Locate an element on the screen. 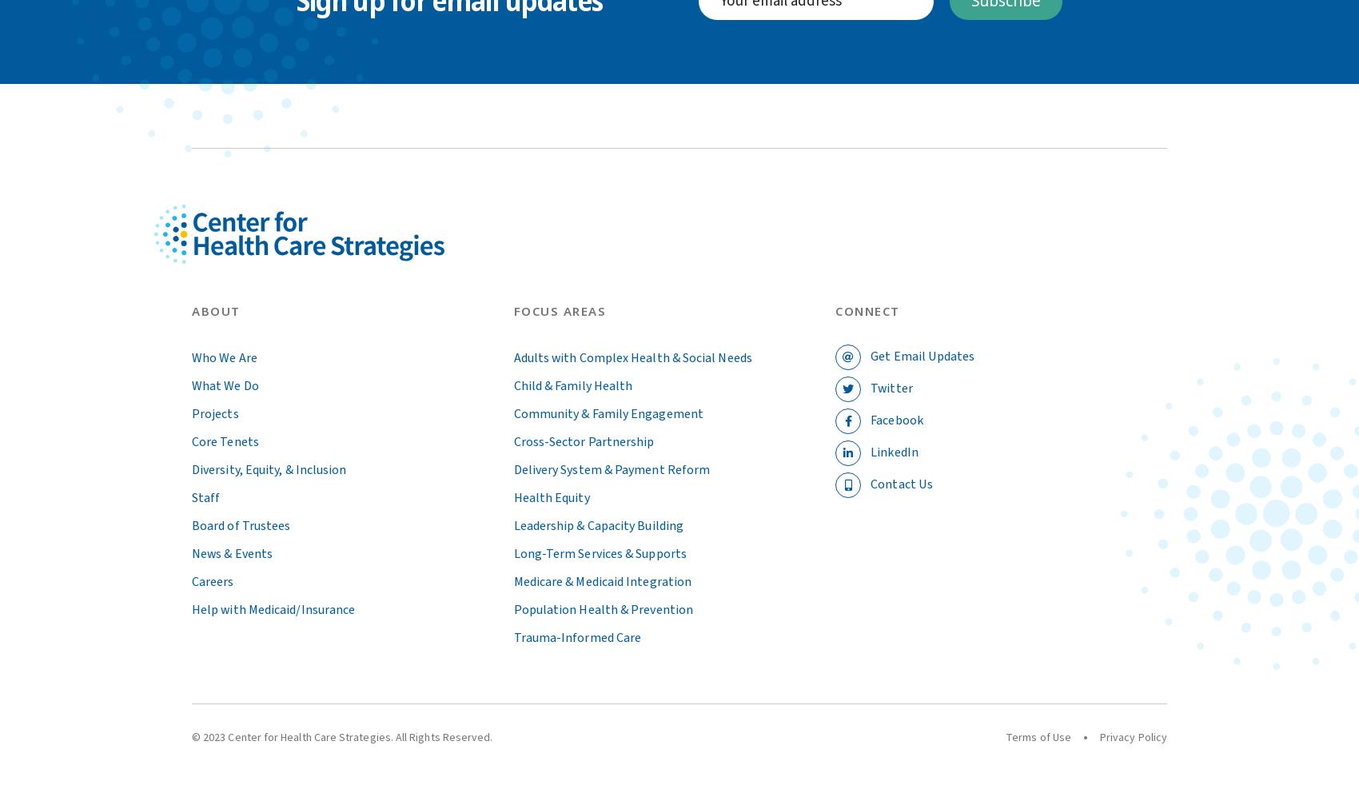  'Privacy Policy' is located at coordinates (1132, 737).